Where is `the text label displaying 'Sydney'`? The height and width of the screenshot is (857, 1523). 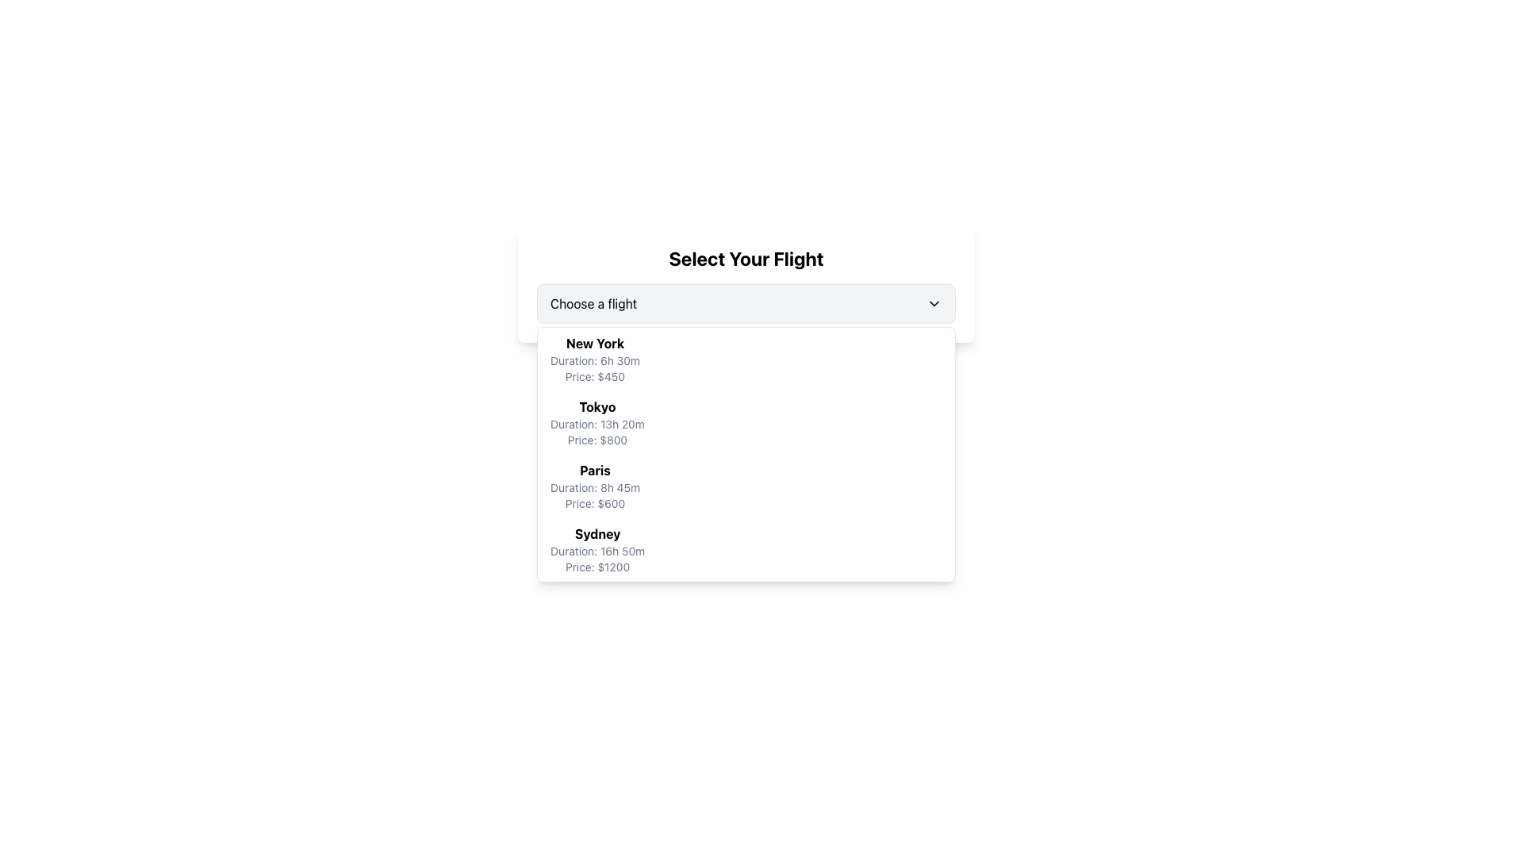
the text label displaying 'Sydney' is located at coordinates (597, 533).